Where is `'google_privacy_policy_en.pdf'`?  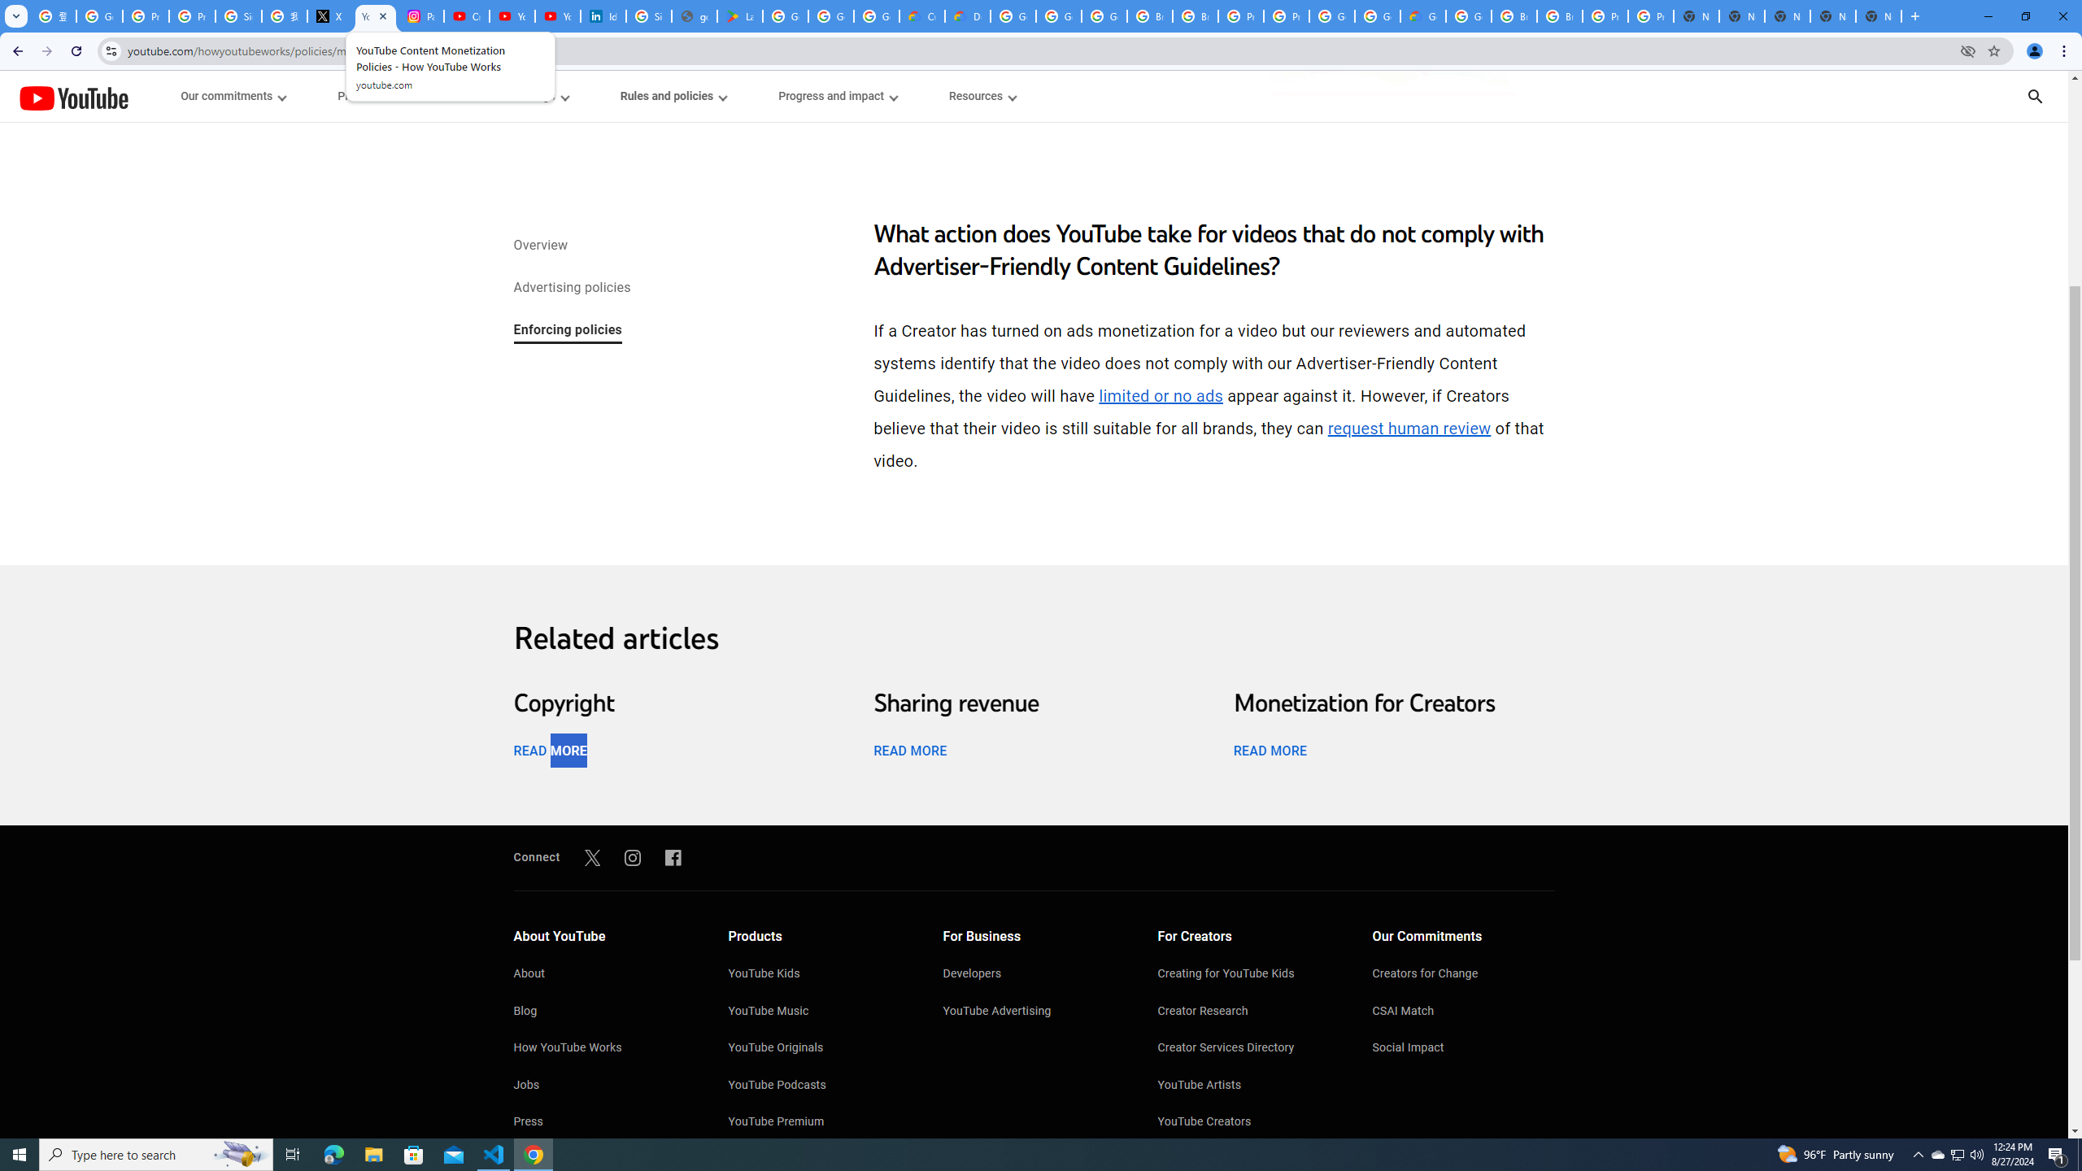 'google_privacy_policy_en.pdf' is located at coordinates (693, 15).